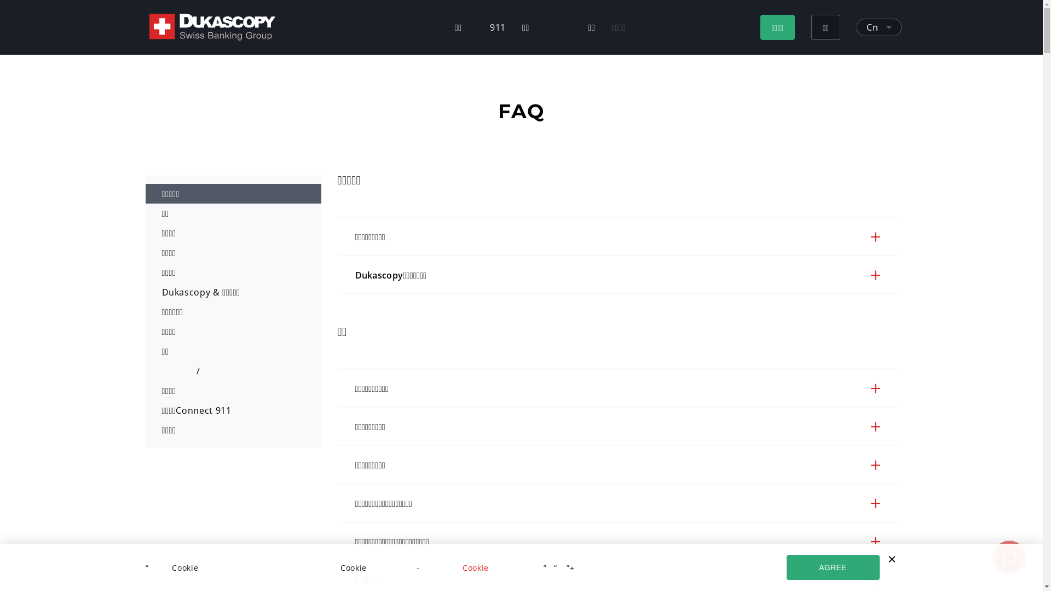 The height and width of the screenshot is (591, 1051). I want to click on 'AGREE', so click(832, 567).